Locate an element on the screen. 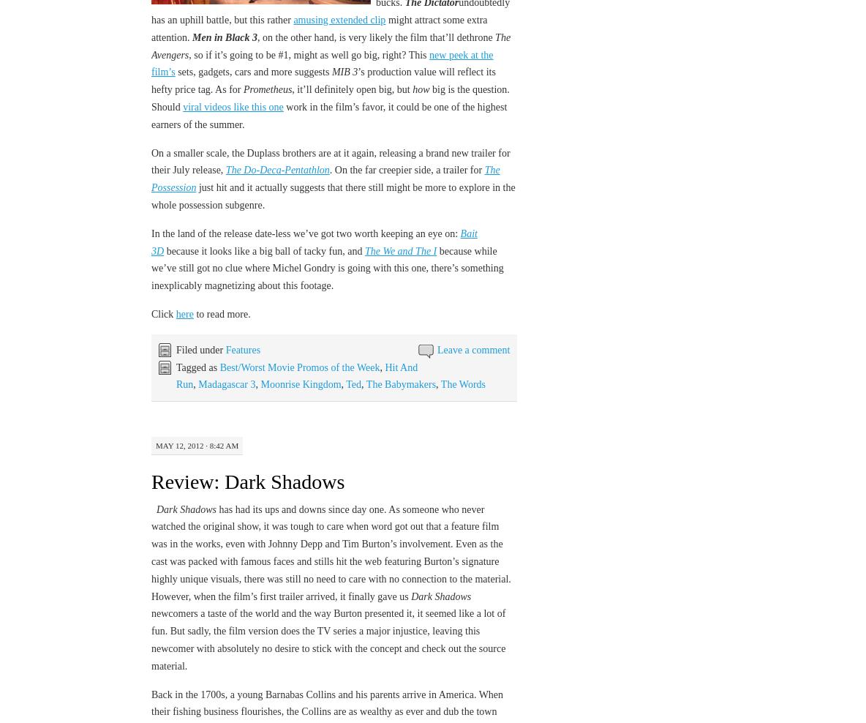 This screenshot has height=723, width=866. '. On the far creepier side, a trailer for' is located at coordinates (407, 170).